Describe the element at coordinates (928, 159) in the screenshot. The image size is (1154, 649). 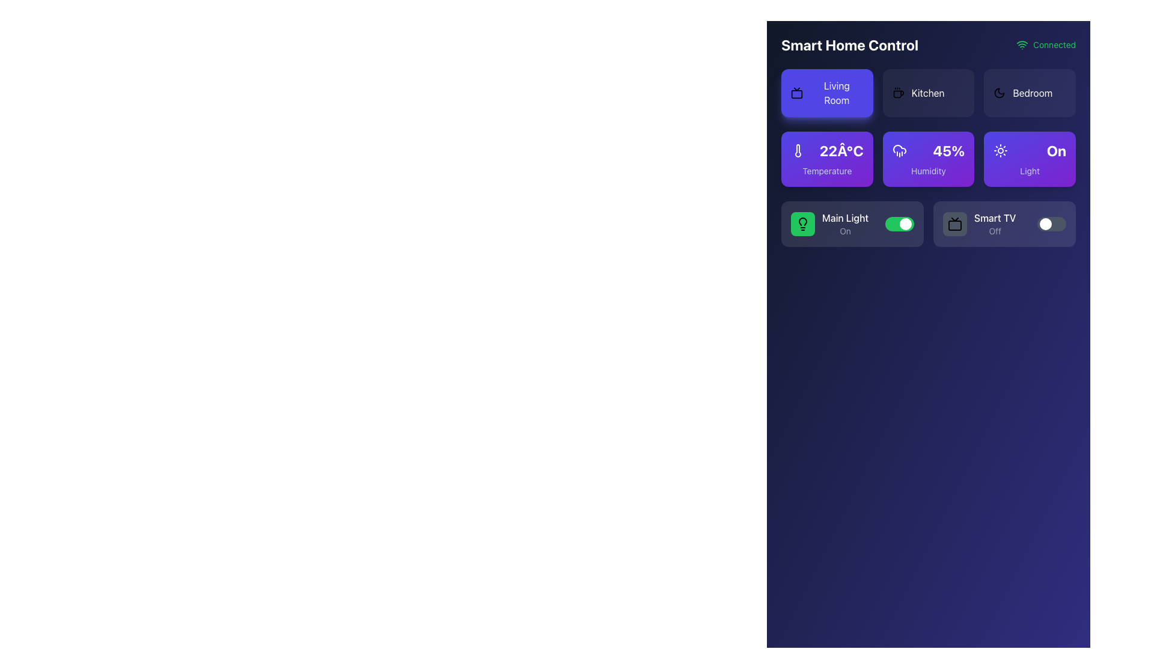
I see `displayed humidity level on the informational card located in the middle of the three cards beneath the navigation options` at that location.